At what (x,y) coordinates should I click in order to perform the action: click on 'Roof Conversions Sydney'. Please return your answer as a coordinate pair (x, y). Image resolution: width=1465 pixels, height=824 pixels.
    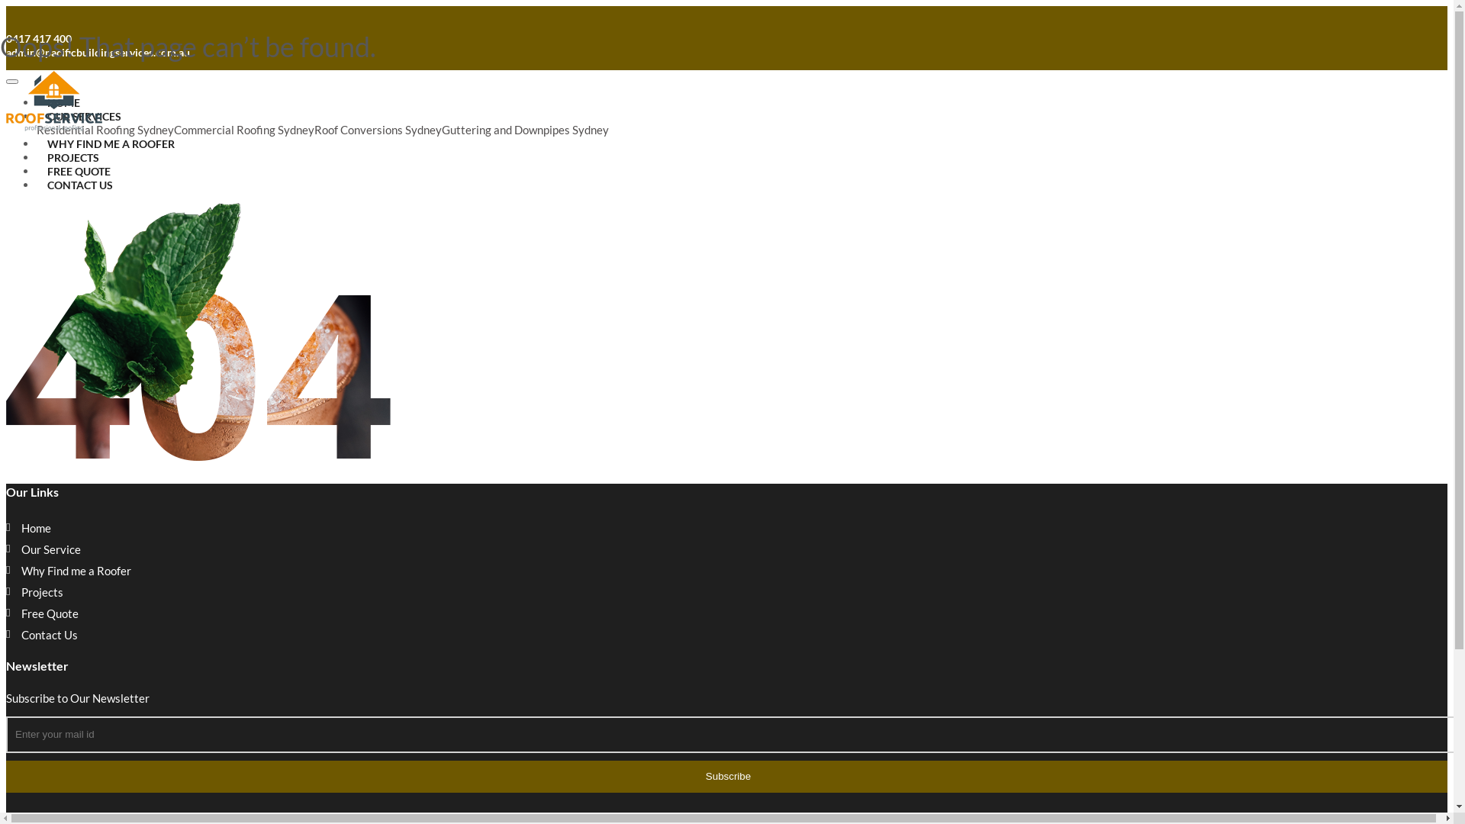
    Looking at the image, I should click on (378, 128).